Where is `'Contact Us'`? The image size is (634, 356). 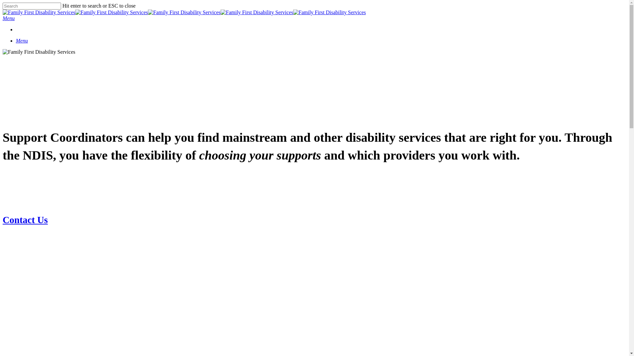 'Contact Us' is located at coordinates (3, 220).